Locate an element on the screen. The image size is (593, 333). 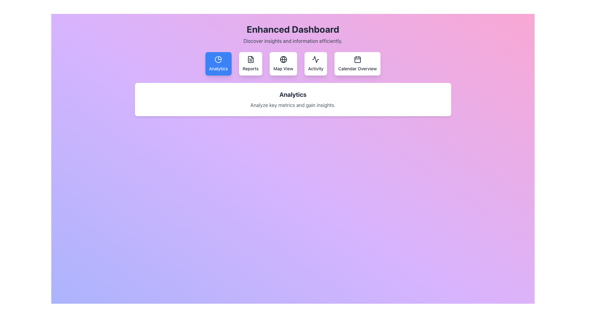
the top-right segment of the pie chart icon in the 'Analytics' card under the 'Enhanced Dashboard' header is located at coordinates (220, 58).